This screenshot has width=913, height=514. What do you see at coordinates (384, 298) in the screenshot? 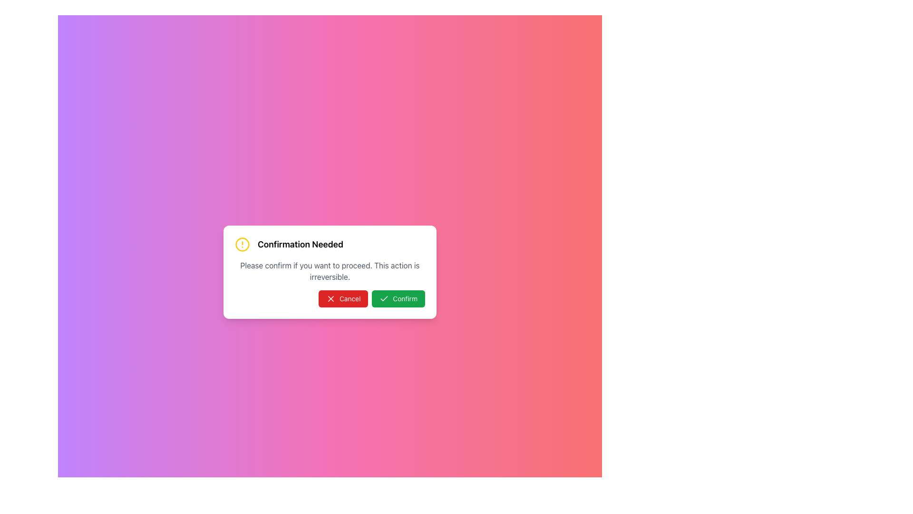
I see `the green circular check mark icon with a white tick located to the left of the 'Confirm' button's text` at bounding box center [384, 298].